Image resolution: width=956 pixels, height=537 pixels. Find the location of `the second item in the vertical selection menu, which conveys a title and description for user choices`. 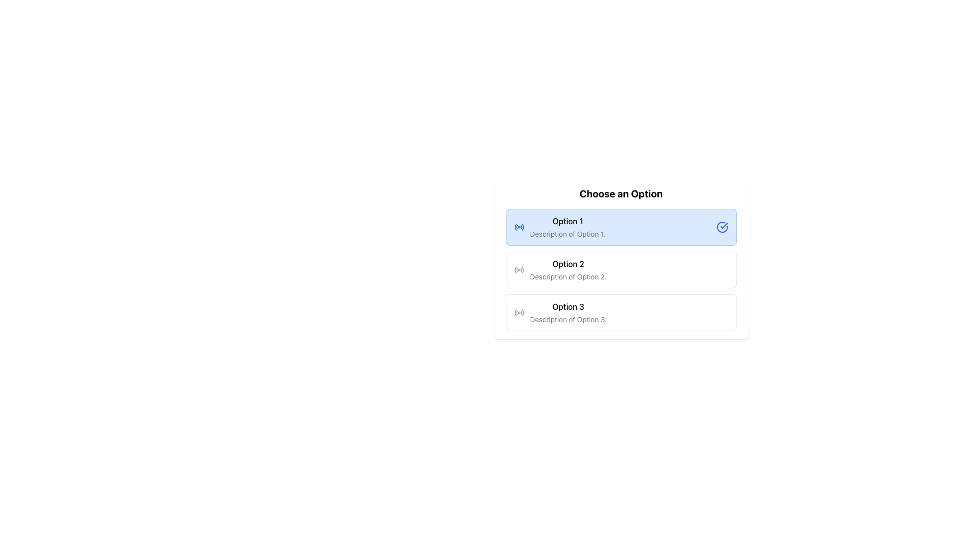

the second item in the vertical selection menu, which conveys a title and description for user choices is located at coordinates (568, 270).